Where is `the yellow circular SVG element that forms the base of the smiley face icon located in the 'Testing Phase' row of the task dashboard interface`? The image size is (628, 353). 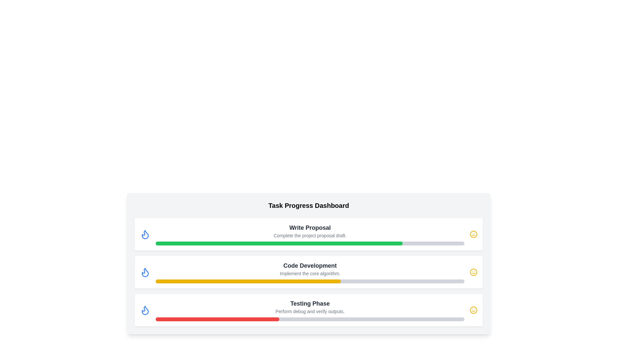 the yellow circular SVG element that forms the base of the smiley face icon located in the 'Testing Phase' row of the task dashboard interface is located at coordinates (474, 234).